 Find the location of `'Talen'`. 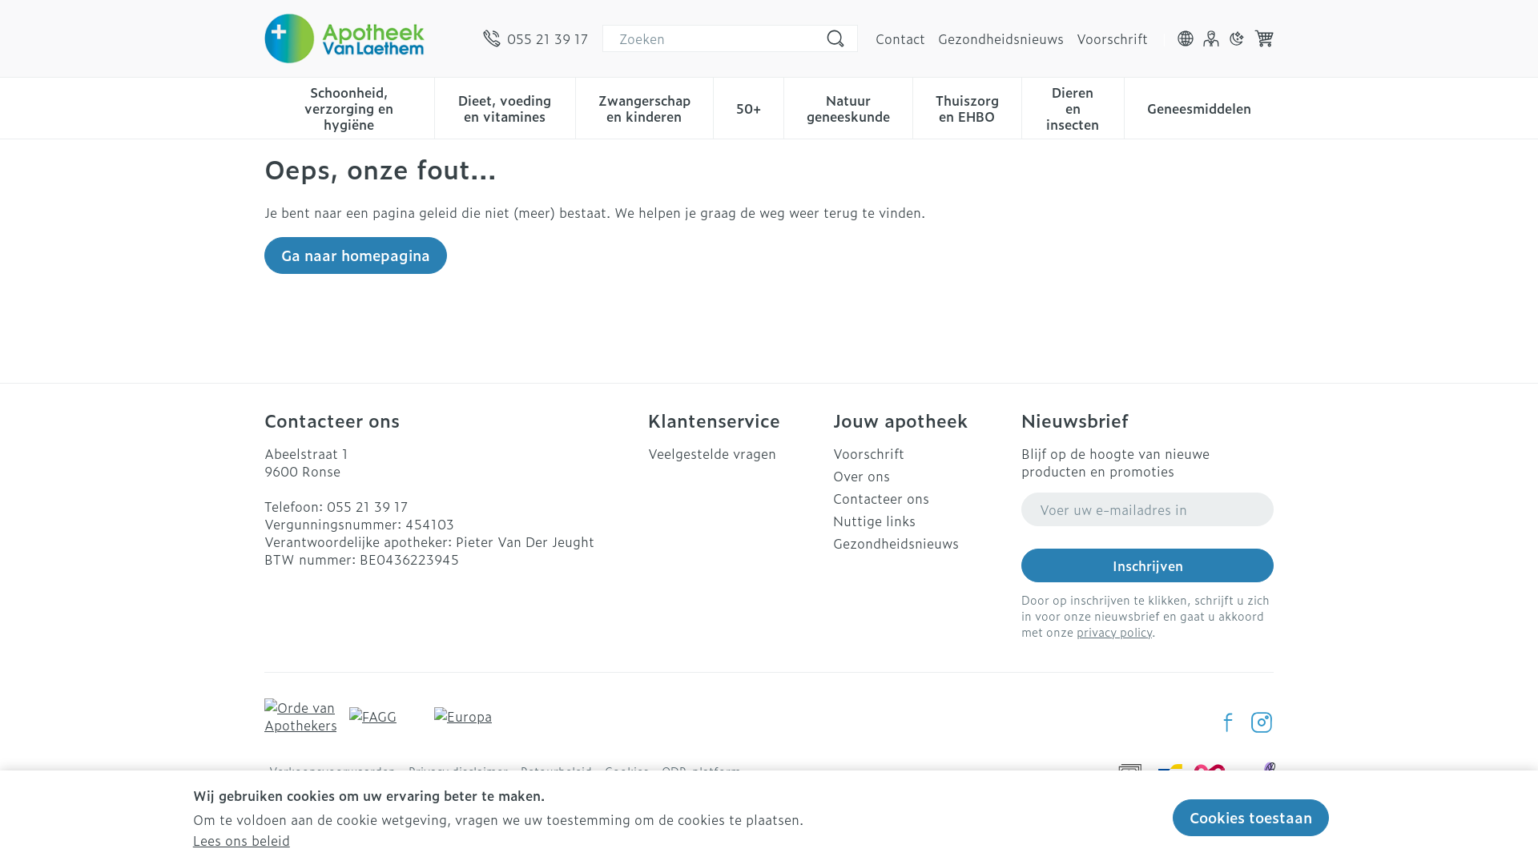

'Talen' is located at coordinates (1185, 37).